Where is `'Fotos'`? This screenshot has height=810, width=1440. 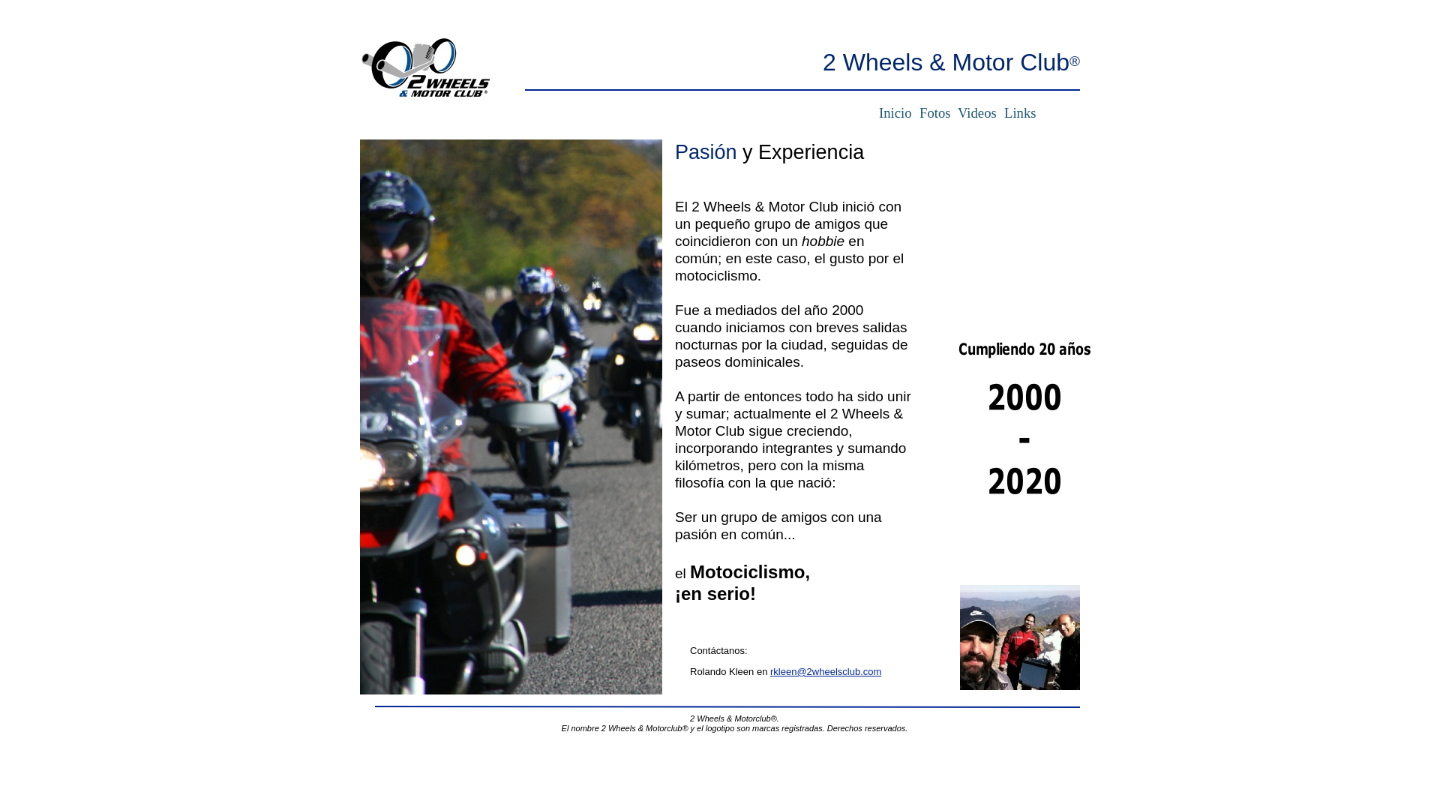
'Fotos' is located at coordinates (934, 112).